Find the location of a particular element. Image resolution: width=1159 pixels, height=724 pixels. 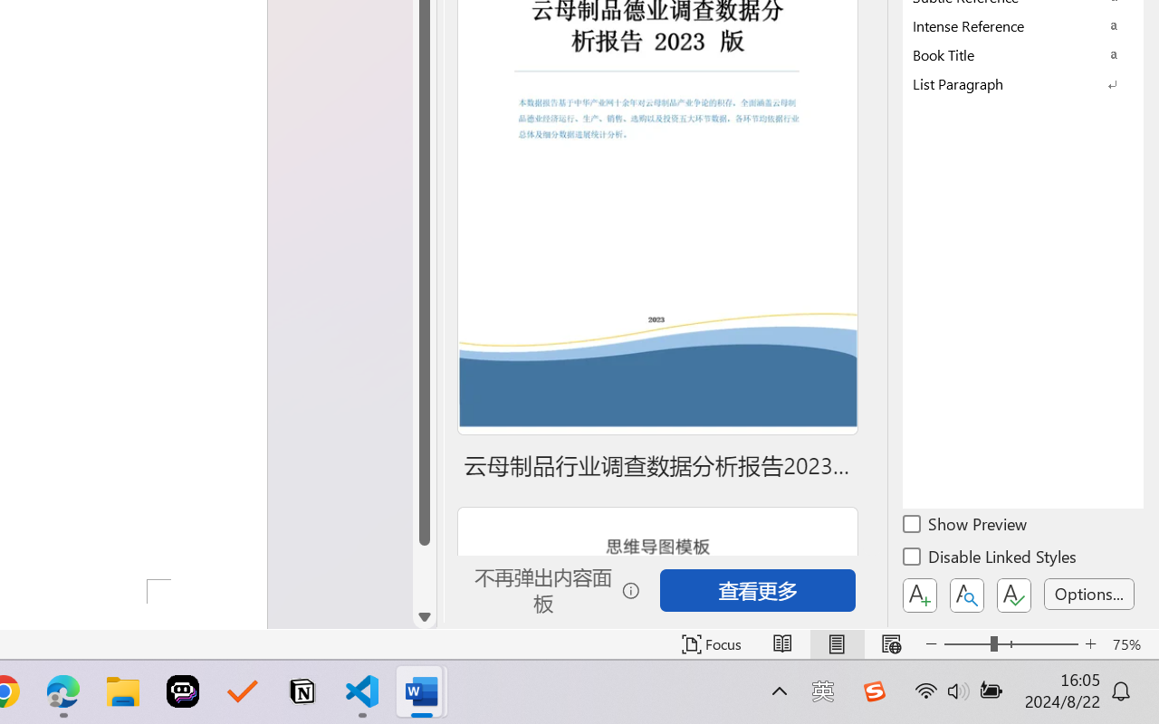

'Read Mode' is located at coordinates (782, 643).